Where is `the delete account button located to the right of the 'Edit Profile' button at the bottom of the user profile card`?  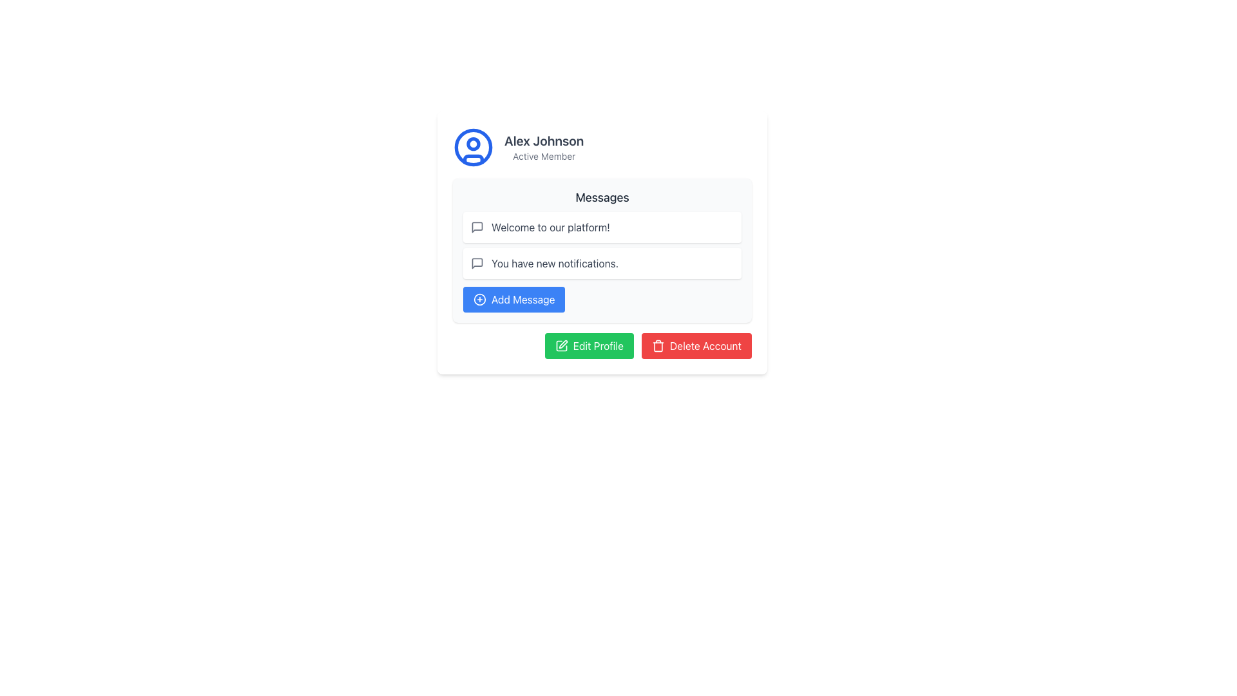
the delete account button located to the right of the 'Edit Profile' button at the bottom of the user profile card is located at coordinates (696, 345).